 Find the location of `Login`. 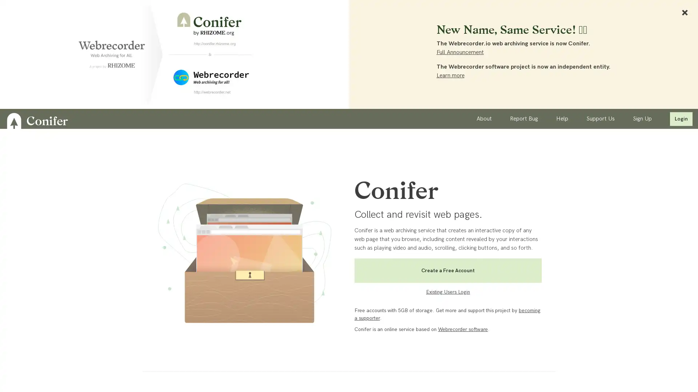

Login is located at coordinates (681, 118).